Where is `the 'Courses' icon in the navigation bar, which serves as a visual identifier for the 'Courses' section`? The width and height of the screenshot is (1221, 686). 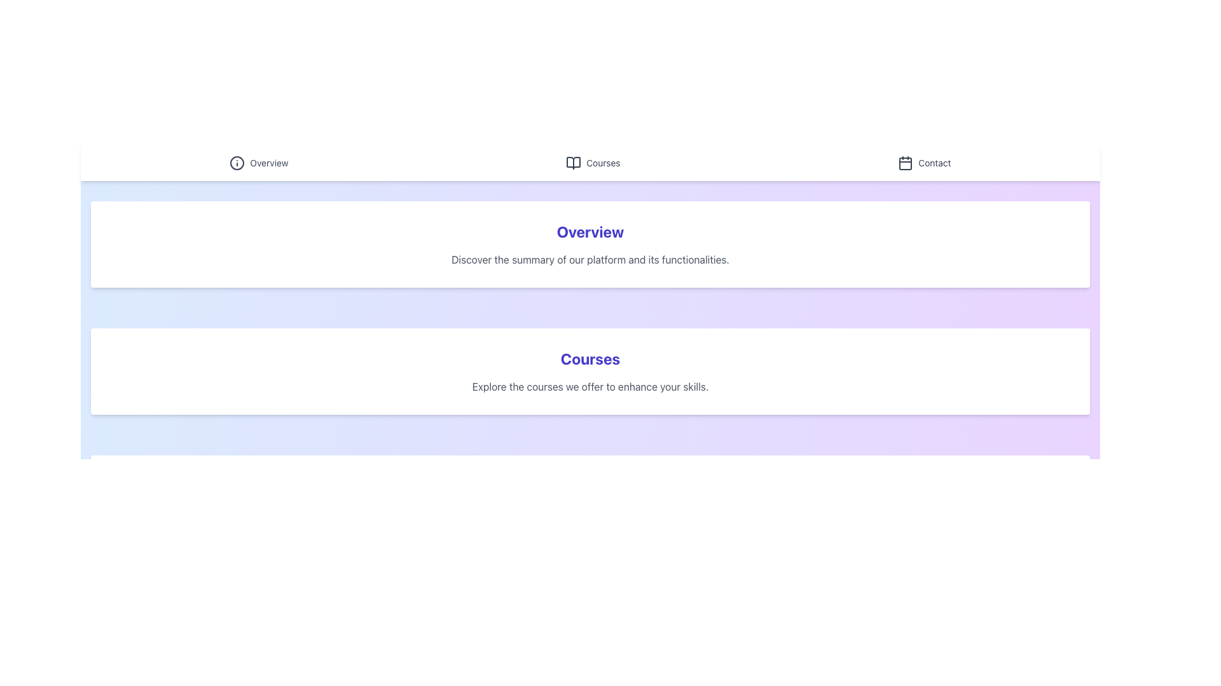
the 'Courses' icon in the navigation bar, which serves as a visual identifier for the 'Courses' section is located at coordinates (573, 163).